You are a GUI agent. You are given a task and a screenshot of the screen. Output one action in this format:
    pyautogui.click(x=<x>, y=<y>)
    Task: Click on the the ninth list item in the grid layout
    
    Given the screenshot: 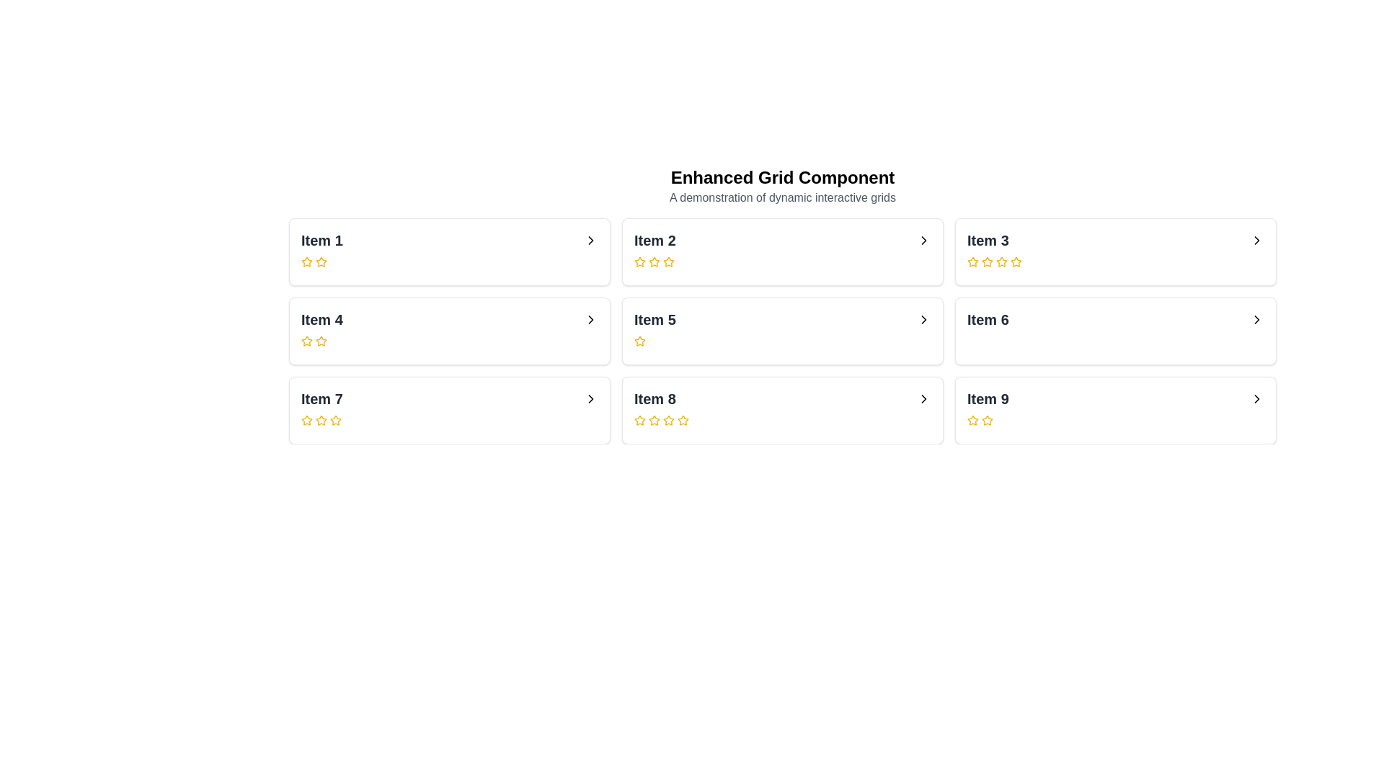 What is the action you would take?
    pyautogui.click(x=1115, y=399)
    